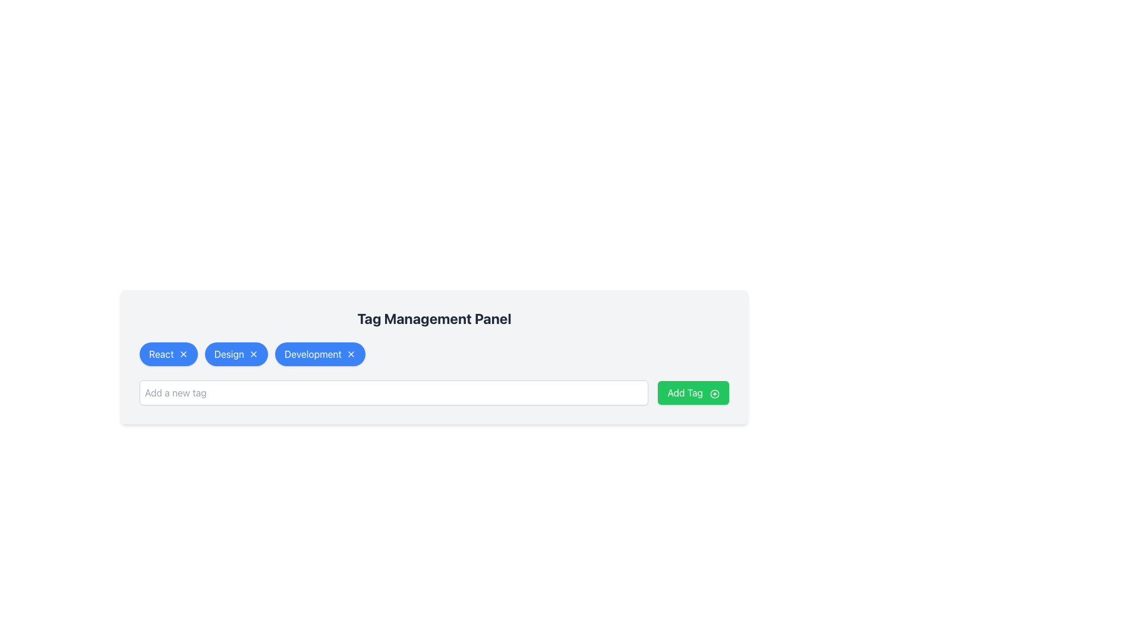 This screenshot has width=1141, height=642. Describe the element at coordinates (714, 394) in the screenshot. I see `the circular Graphical Icon Component located at the center of the 'Add Tag' button's icon area` at that location.